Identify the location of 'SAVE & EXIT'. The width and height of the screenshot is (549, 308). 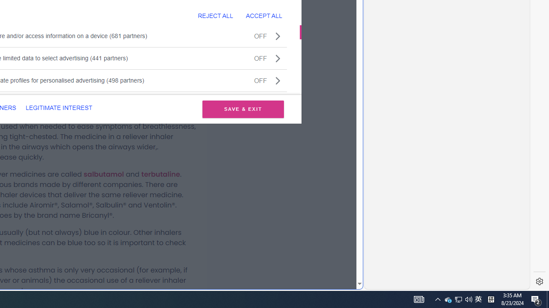
(243, 109).